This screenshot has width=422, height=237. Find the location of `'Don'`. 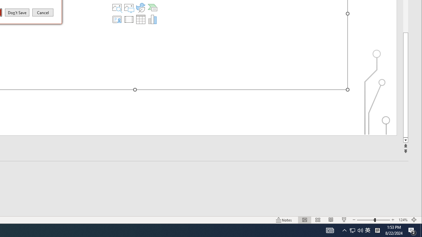

'Don' is located at coordinates (17, 12).